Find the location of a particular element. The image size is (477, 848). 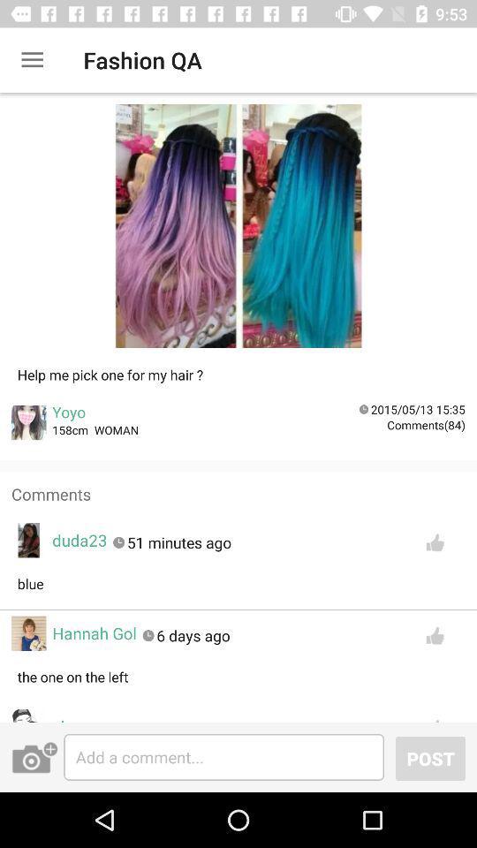

photo is located at coordinates (34, 756).